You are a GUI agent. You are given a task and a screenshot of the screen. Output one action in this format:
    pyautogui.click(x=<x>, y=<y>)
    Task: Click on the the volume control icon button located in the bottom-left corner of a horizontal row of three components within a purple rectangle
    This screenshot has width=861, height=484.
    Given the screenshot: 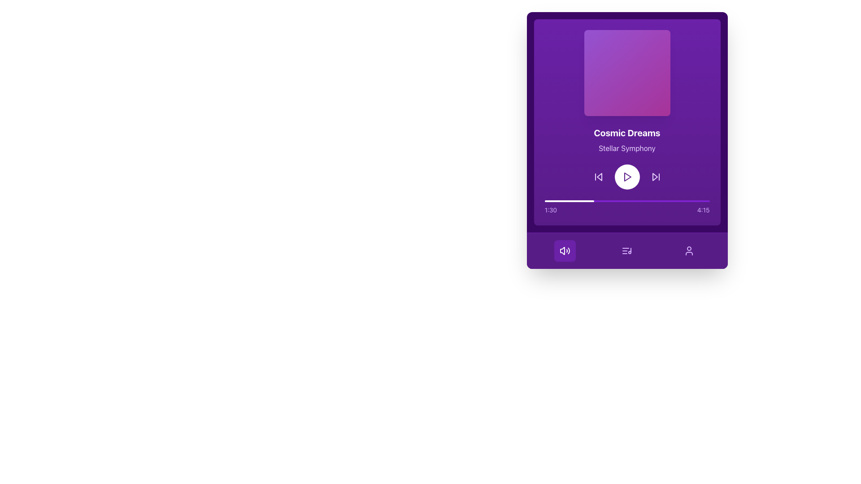 What is the action you would take?
    pyautogui.click(x=564, y=251)
    